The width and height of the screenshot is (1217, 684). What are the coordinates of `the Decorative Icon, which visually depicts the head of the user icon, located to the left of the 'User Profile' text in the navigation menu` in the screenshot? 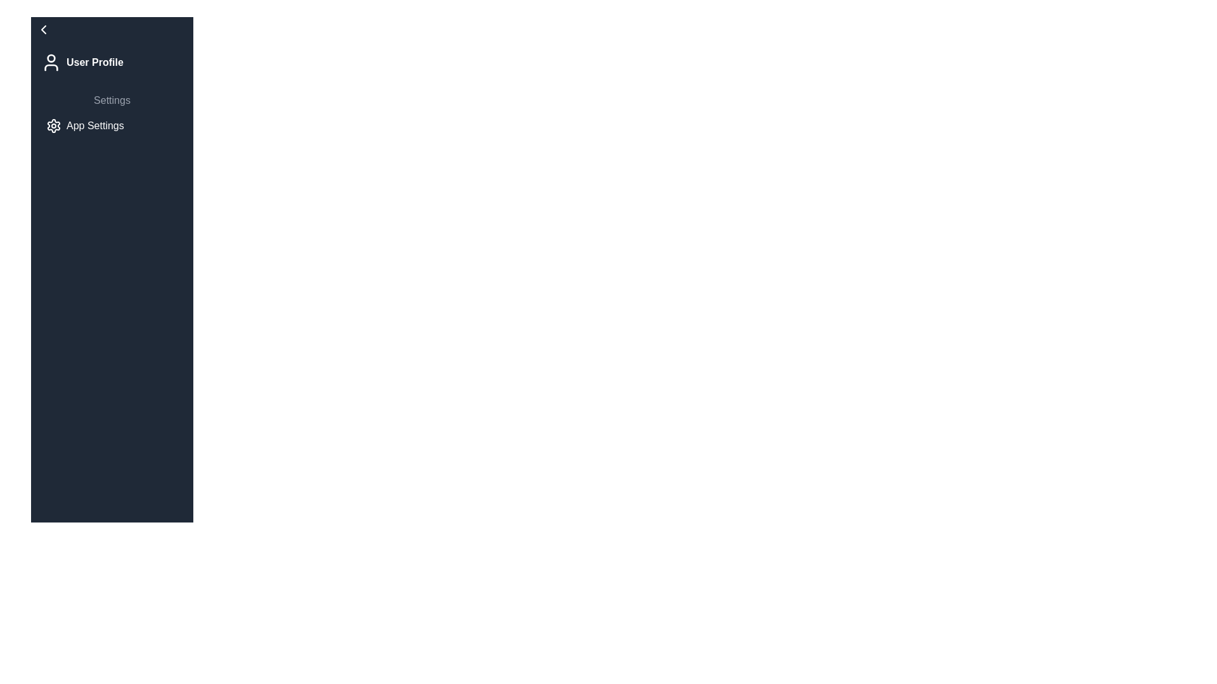 It's located at (51, 58).